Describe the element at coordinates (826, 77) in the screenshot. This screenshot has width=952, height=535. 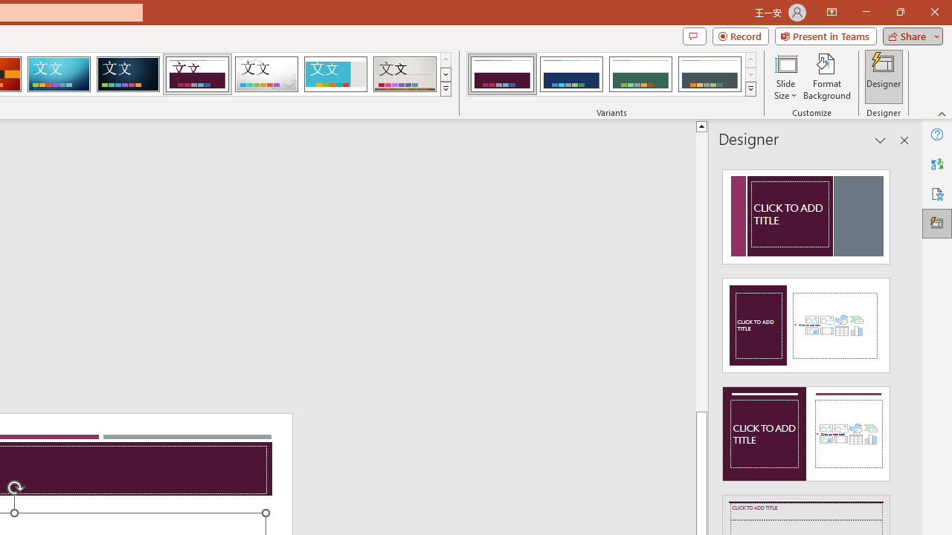
I see `'Format Background'` at that location.